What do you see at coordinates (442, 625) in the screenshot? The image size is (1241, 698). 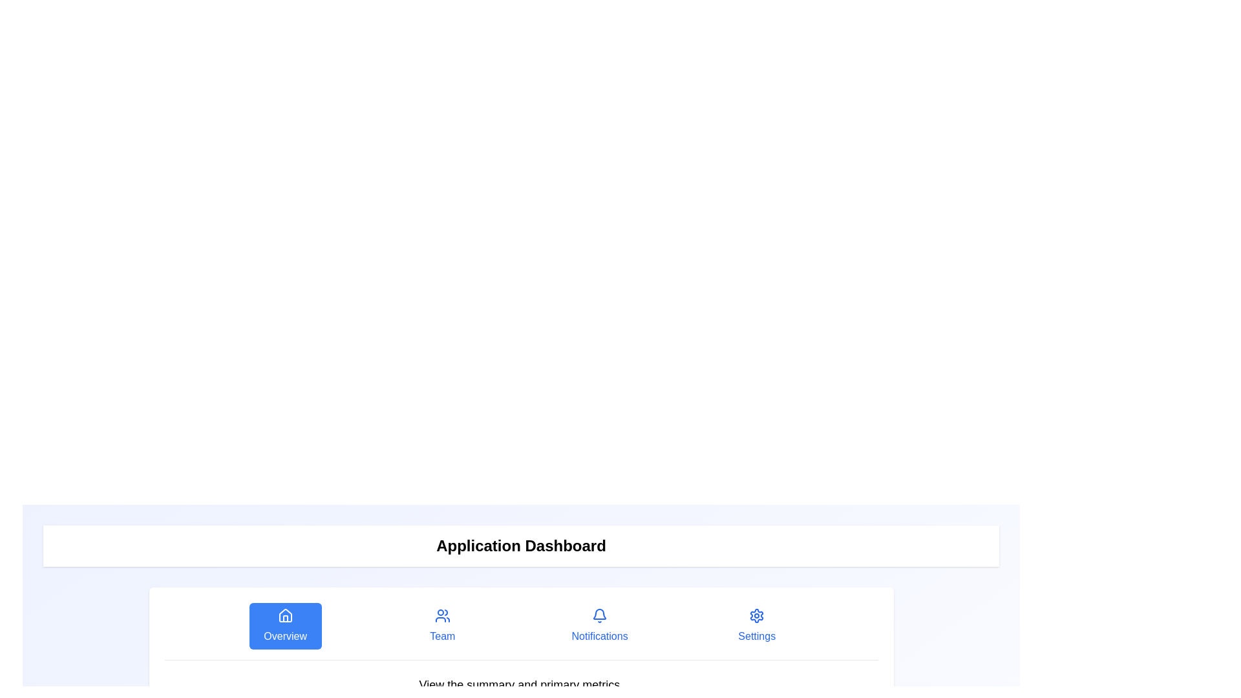 I see `the navigational button labeled 'Team' located in the center of the horizontal navbar at the lower section of the application's header area` at bounding box center [442, 625].